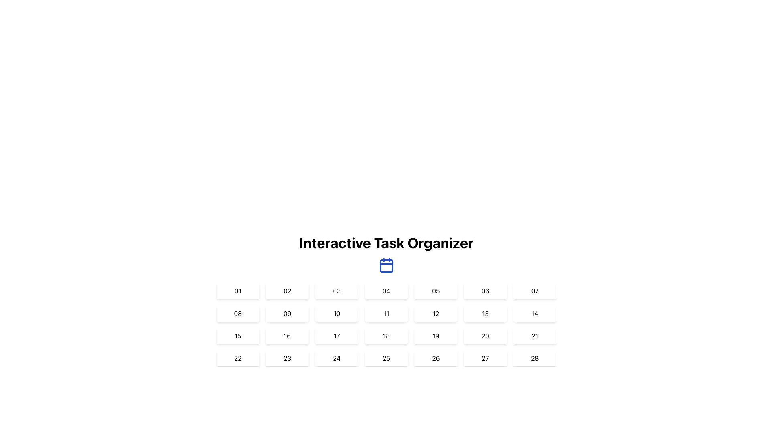 This screenshot has height=433, width=770. Describe the element at coordinates (435, 336) in the screenshot. I see `the button labeled '19', which is a rounded rectangular box with a light gray background located in the 5th position of the third row in a 7-column grid` at that location.